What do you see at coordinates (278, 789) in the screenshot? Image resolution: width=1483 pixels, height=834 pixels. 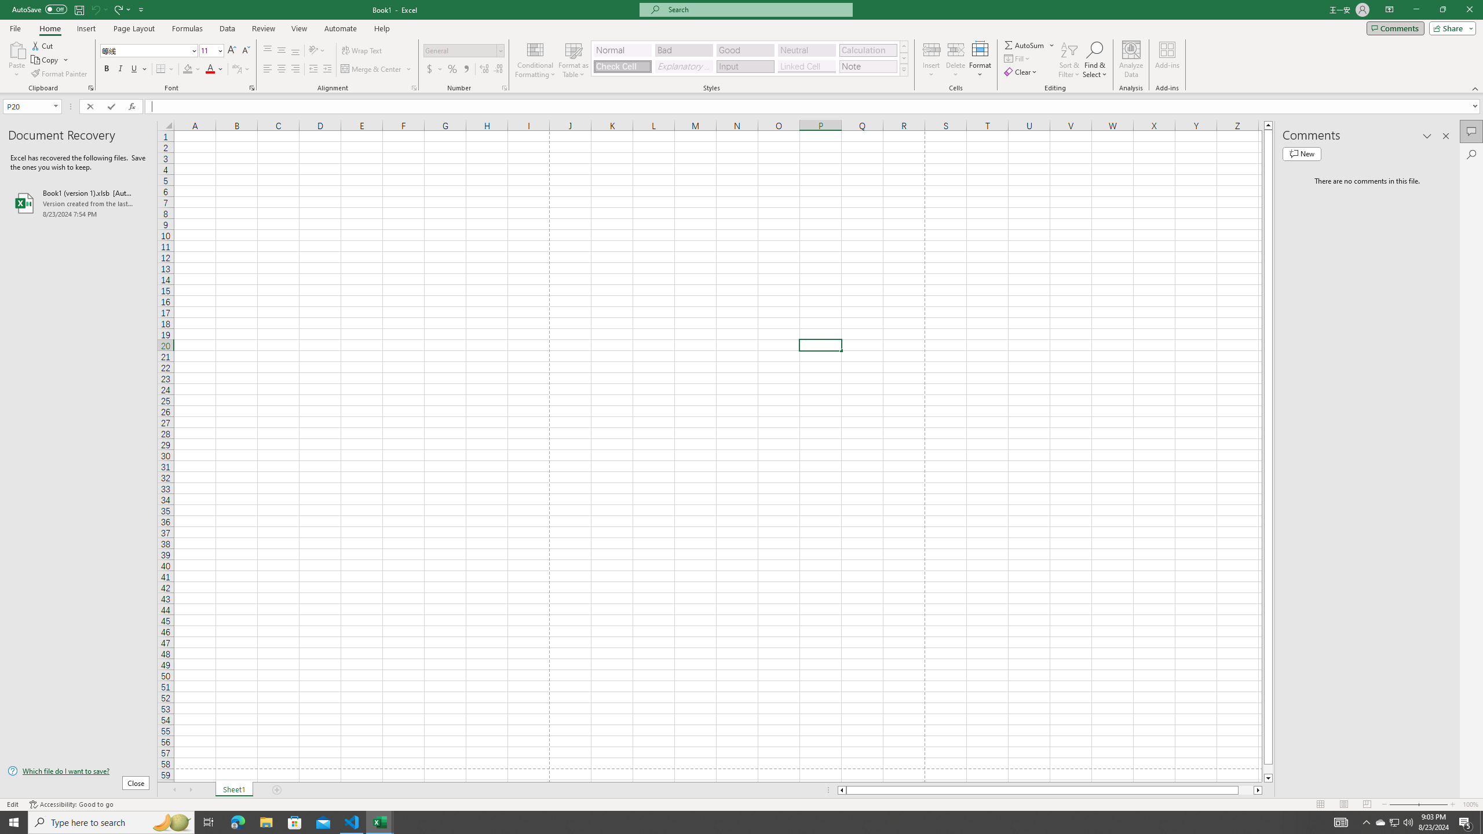 I see `'Add Sheet'` at bounding box center [278, 789].